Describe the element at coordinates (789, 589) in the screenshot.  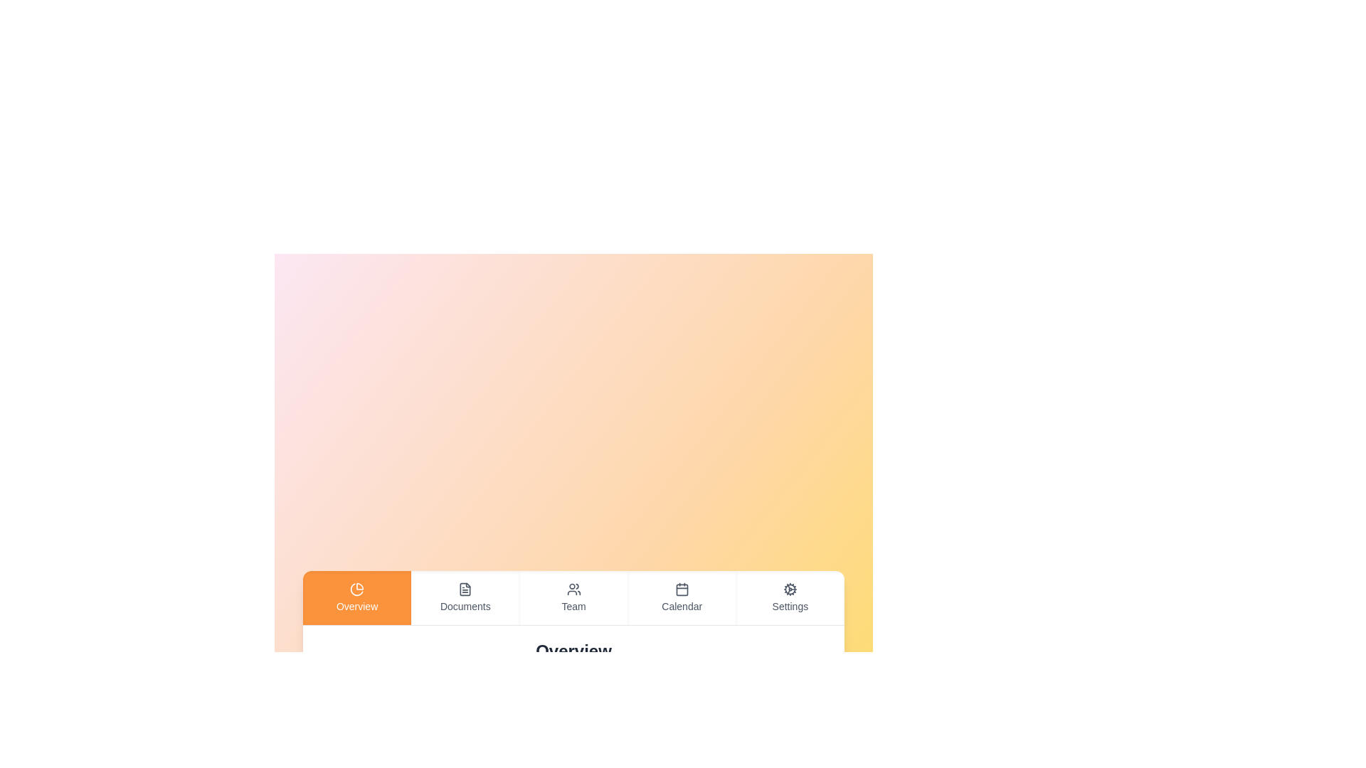
I see `the settings icon located at the rightmost end of the bottom navigation bar` at that location.